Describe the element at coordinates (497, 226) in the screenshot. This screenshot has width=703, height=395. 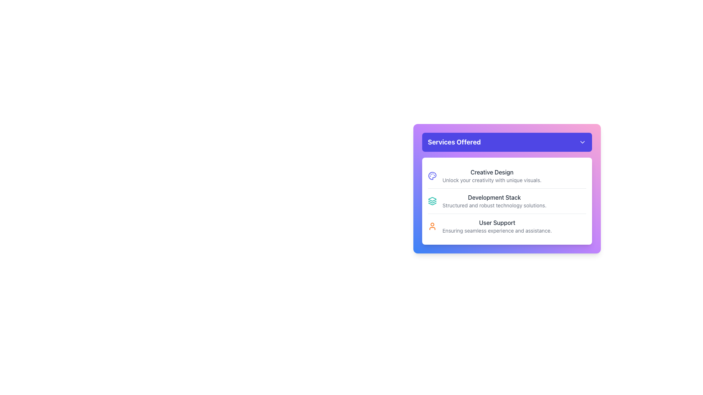
I see `the 'User Support' service text block, which is the third item in the vertically aligned list under 'Services Offered.'` at that location.